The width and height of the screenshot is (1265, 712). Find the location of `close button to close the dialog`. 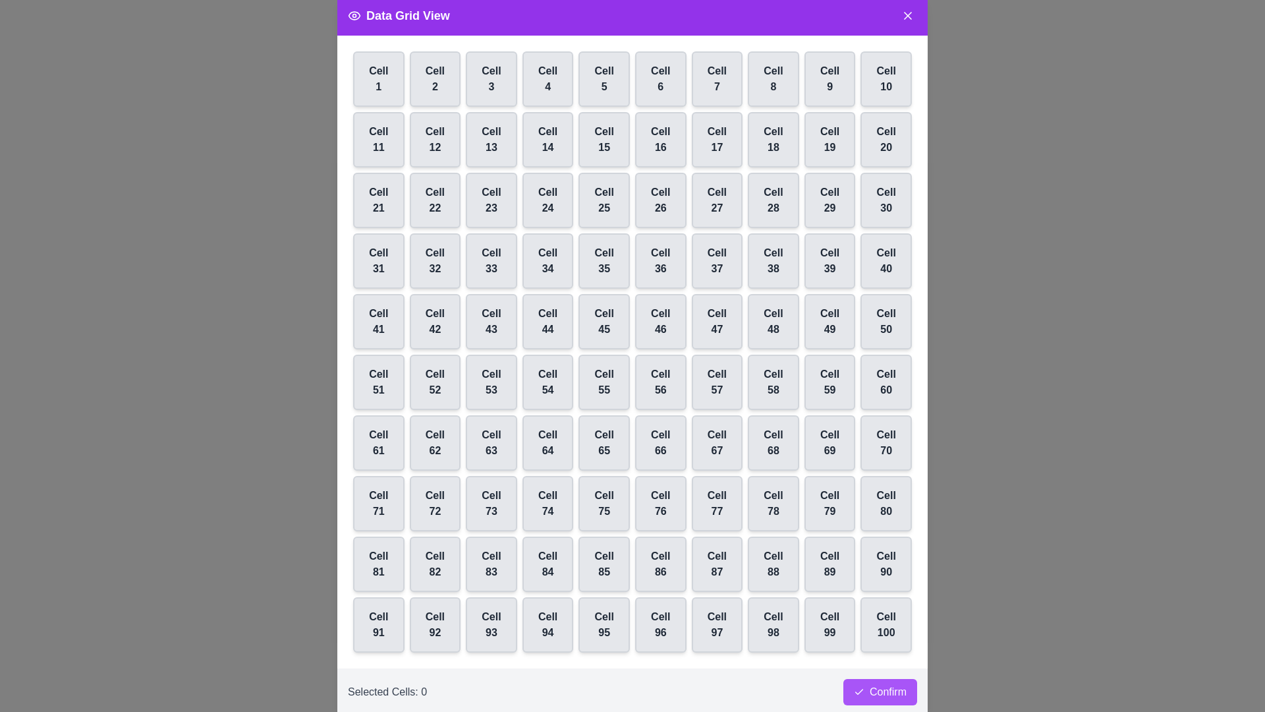

close button to close the dialog is located at coordinates (907, 15).